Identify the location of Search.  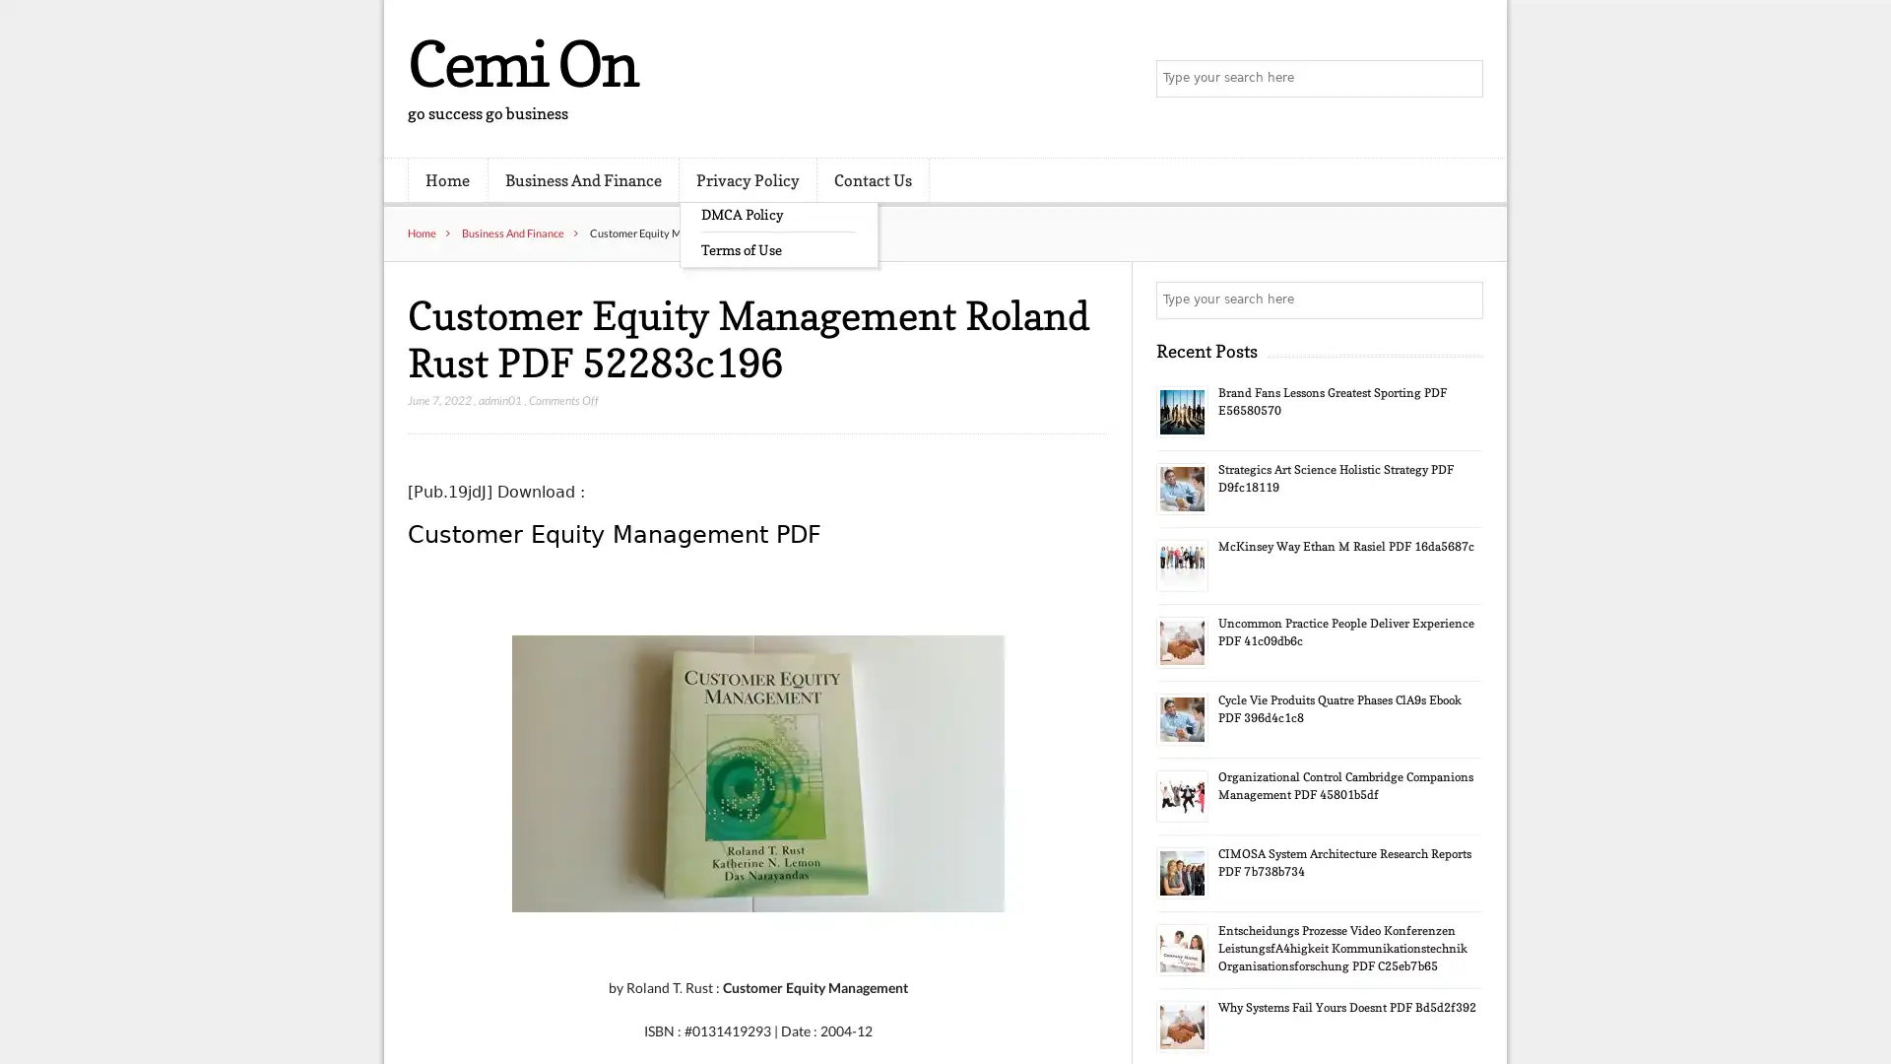
(1463, 79).